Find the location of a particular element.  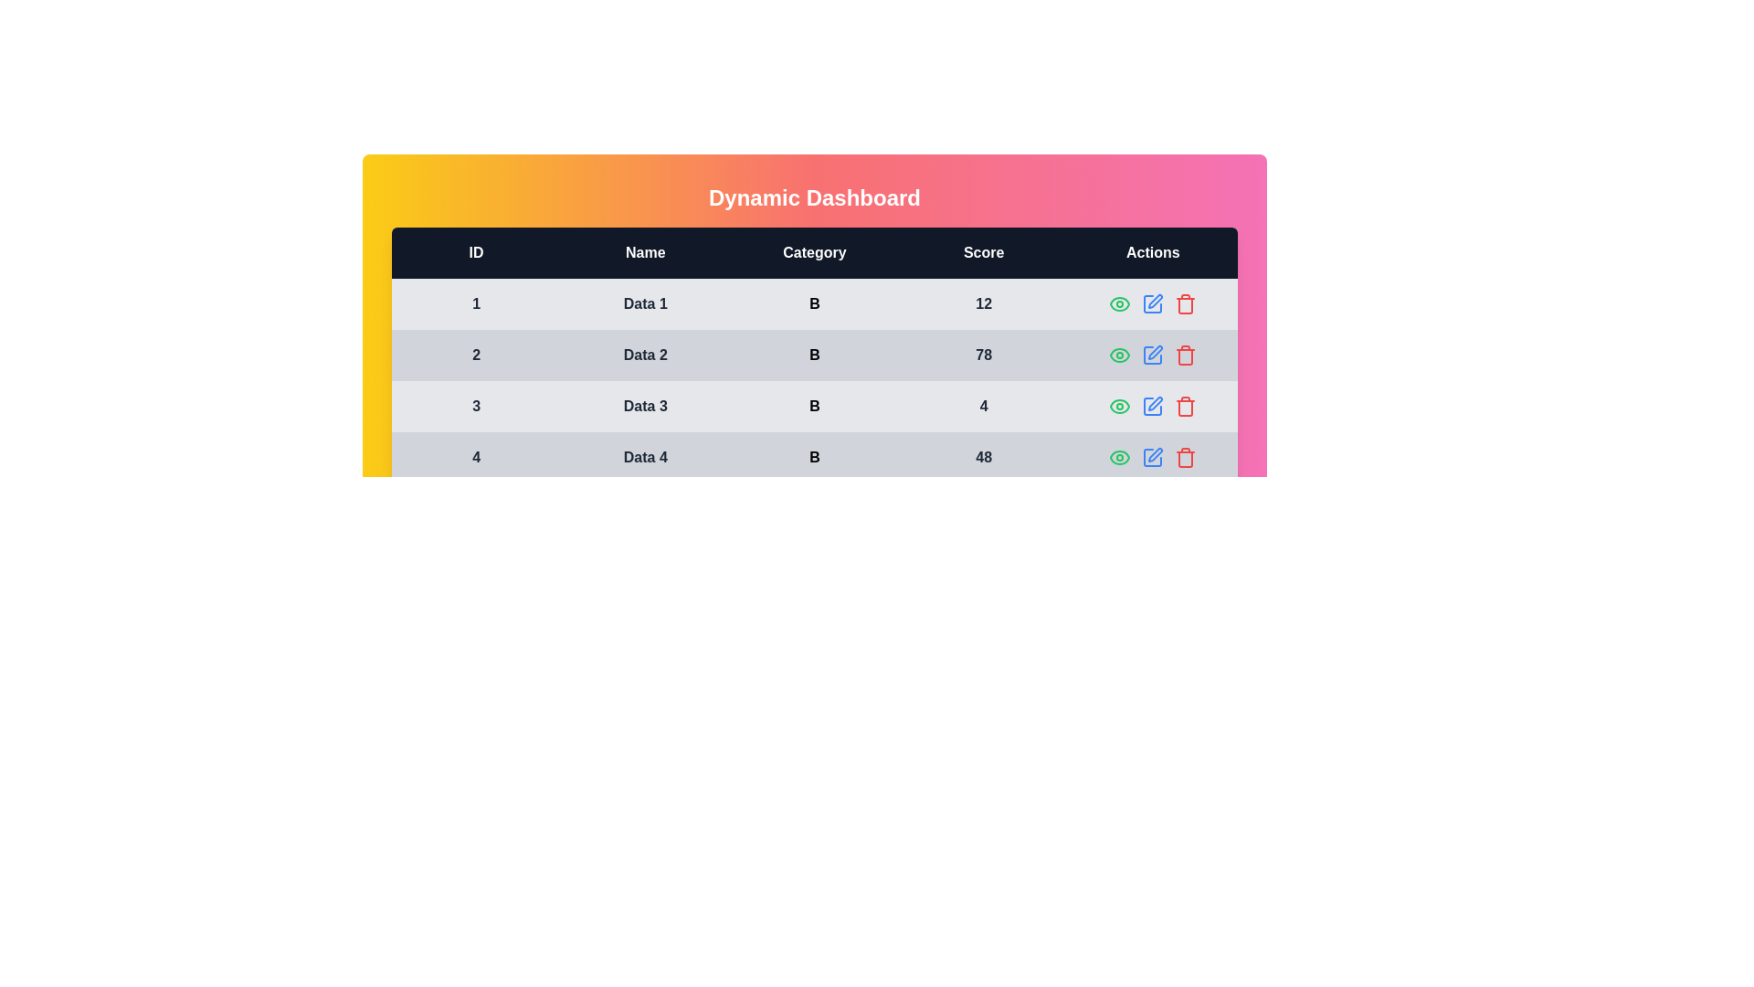

the row corresponding to 2 is located at coordinates (814, 356).